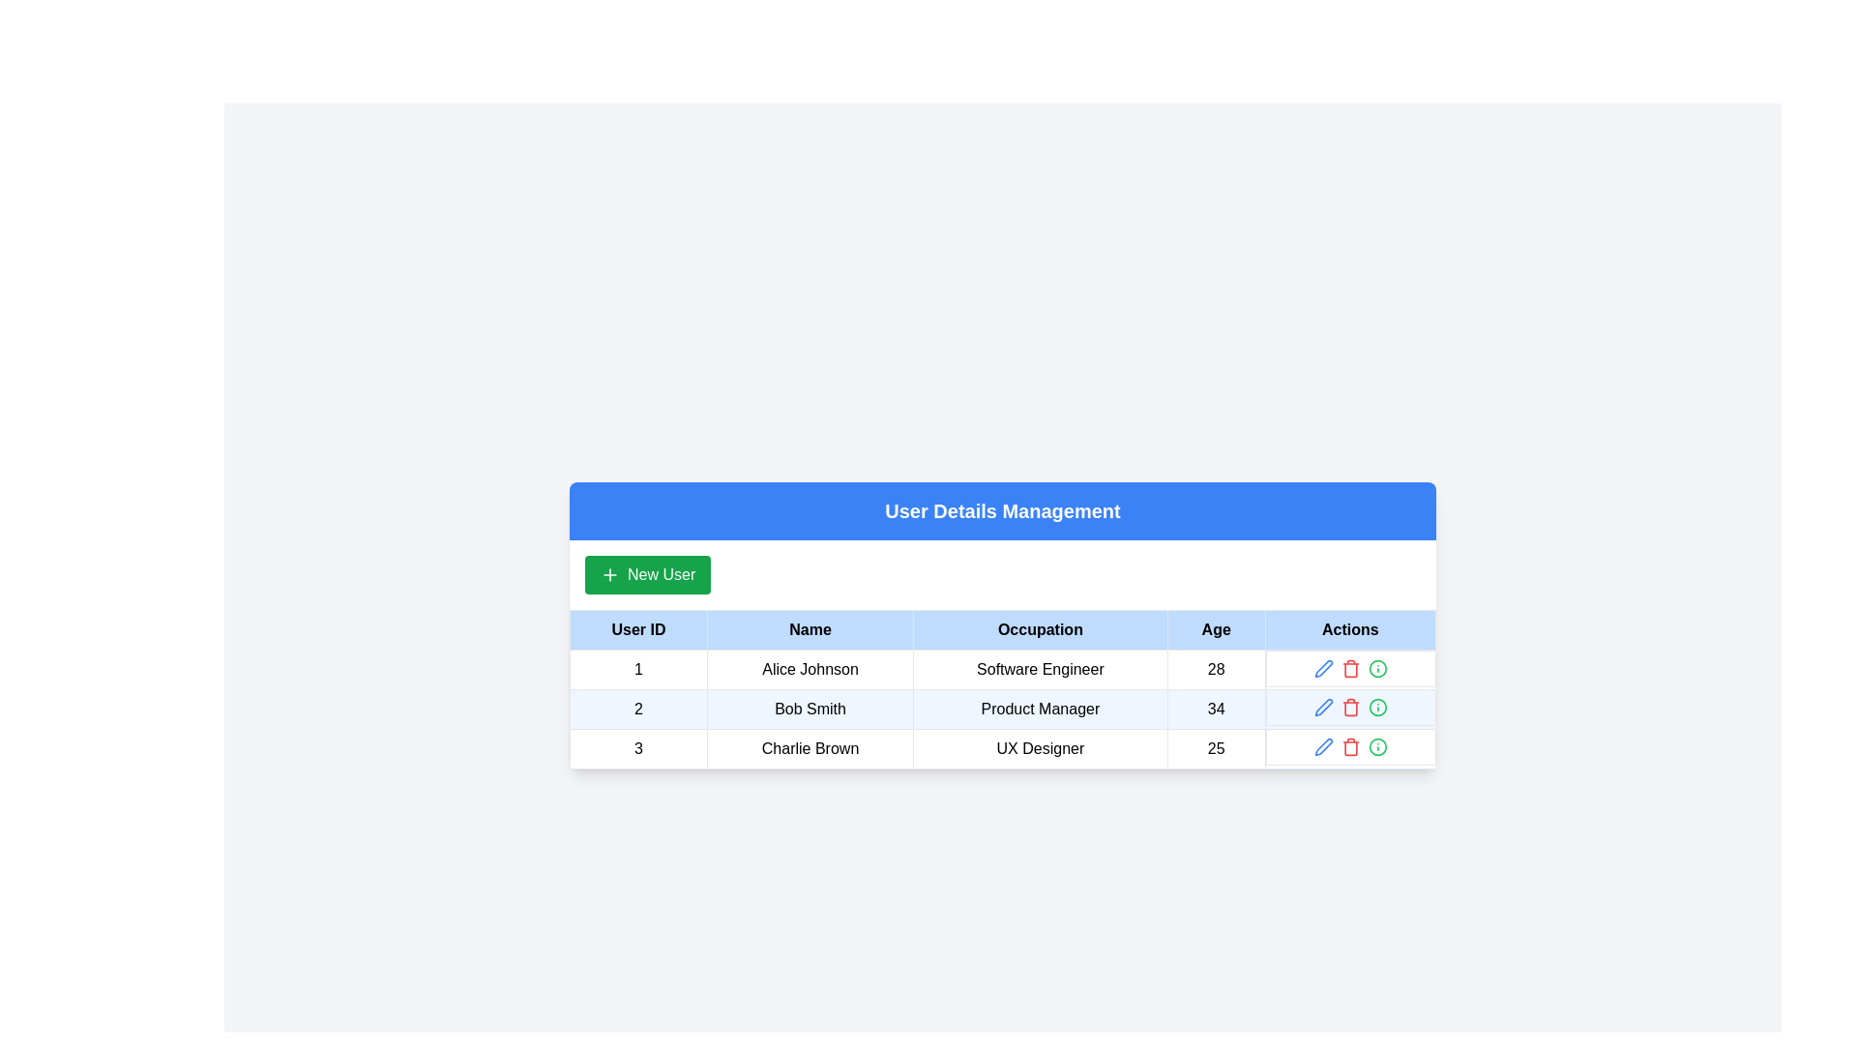 The image size is (1857, 1044). Describe the element at coordinates (1215, 747) in the screenshot. I see `numerical age of the user 'Charlie Brown' from the Text label located in the fourth cell of the third row in the table` at that location.